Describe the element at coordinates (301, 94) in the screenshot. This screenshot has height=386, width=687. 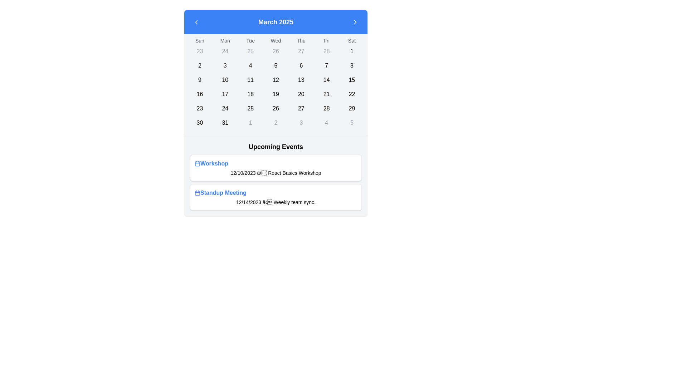
I see `on the date '20' button-like component in the calendar grid` at that location.